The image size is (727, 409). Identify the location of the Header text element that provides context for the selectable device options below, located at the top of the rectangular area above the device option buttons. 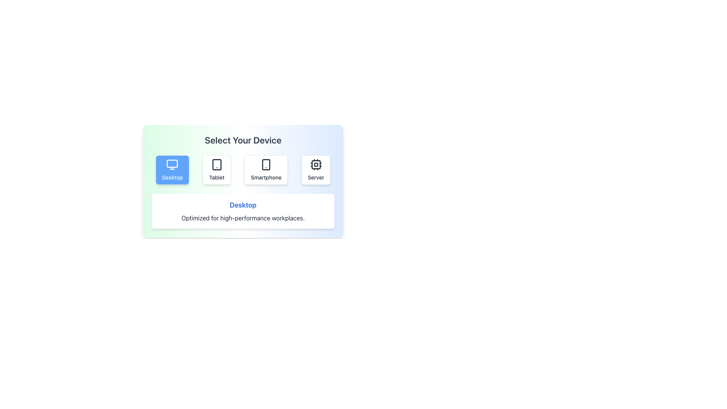
(243, 140).